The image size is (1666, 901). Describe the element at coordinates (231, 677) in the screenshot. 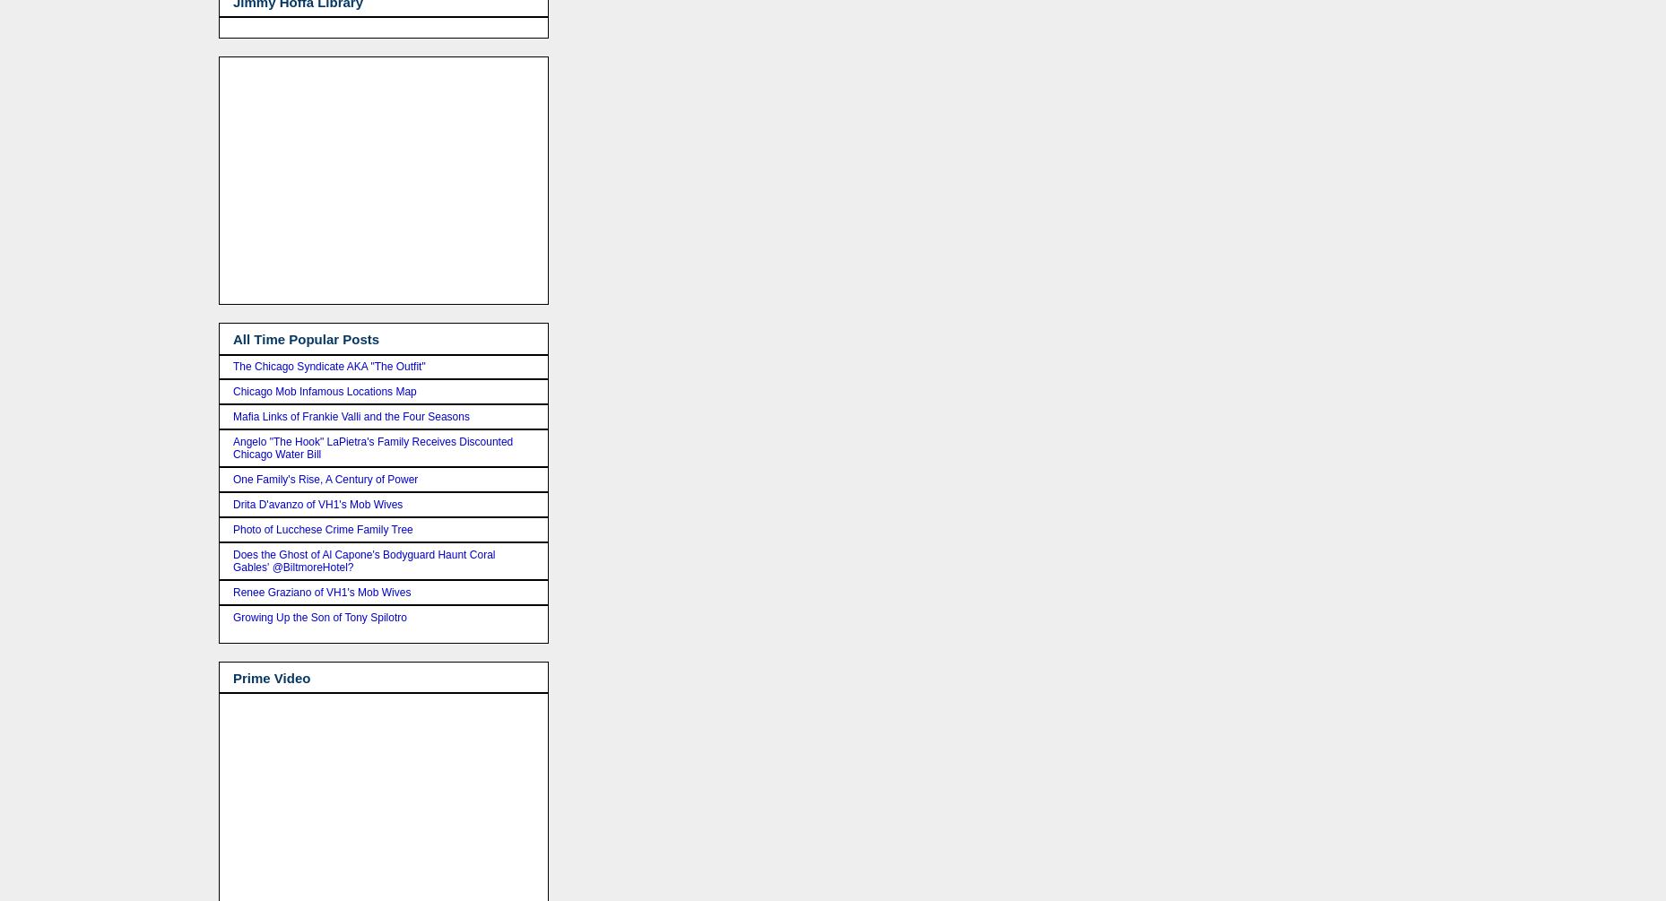

I see `'Prime Video'` at that location.